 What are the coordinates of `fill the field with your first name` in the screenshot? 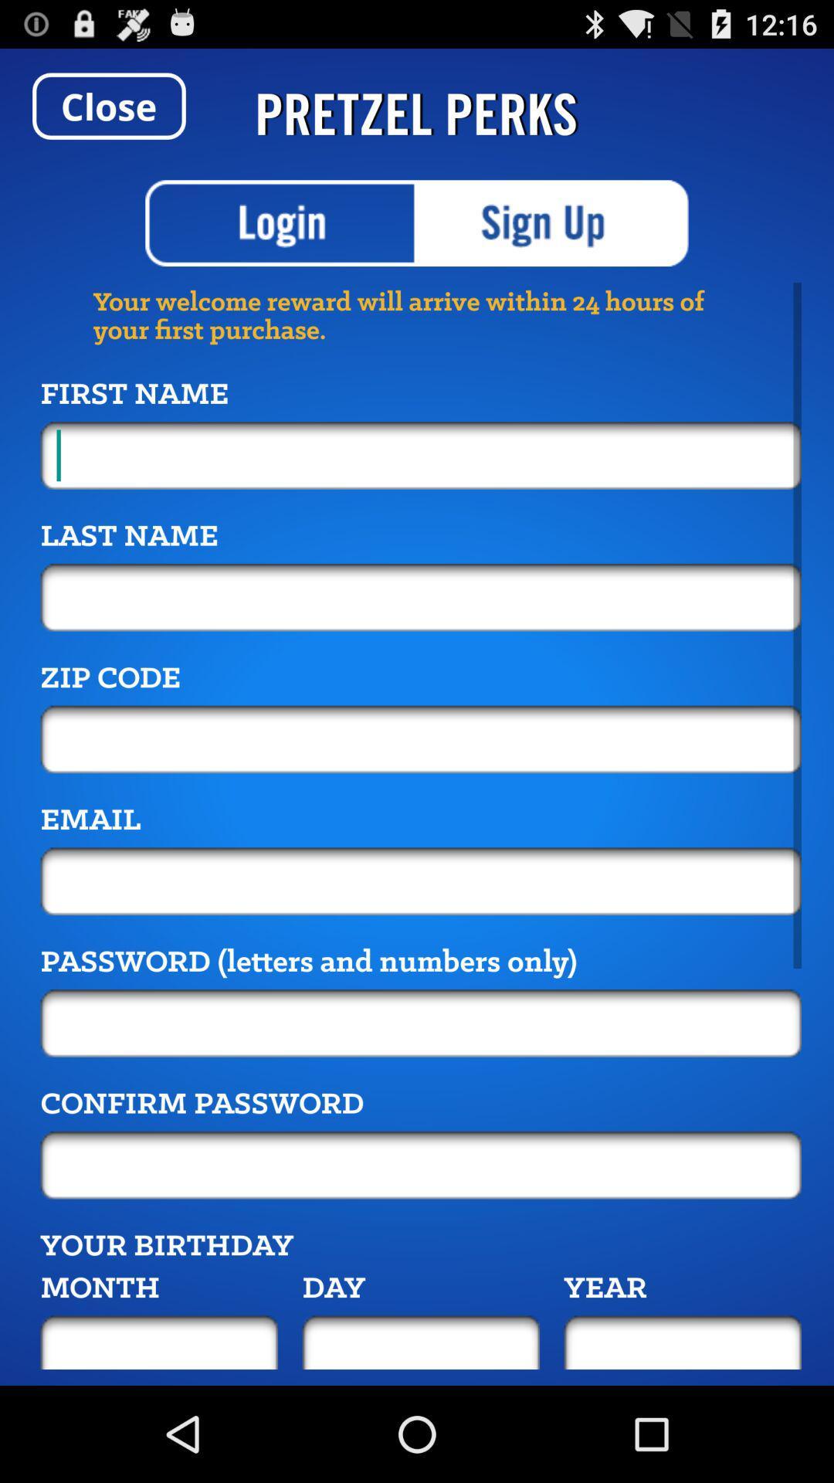 It's located at (421, 454).